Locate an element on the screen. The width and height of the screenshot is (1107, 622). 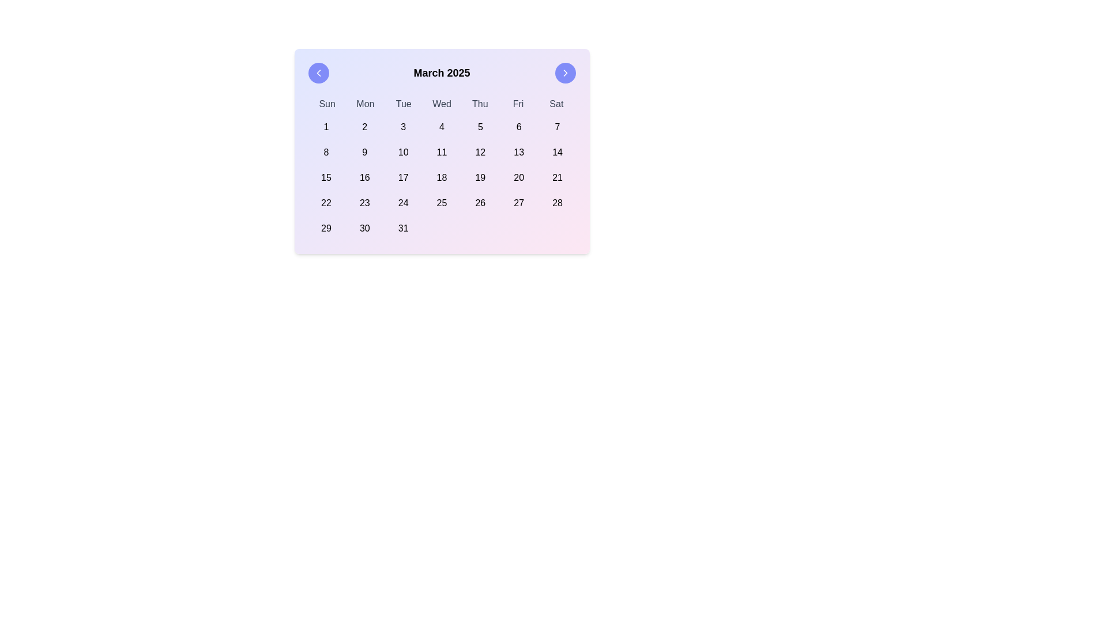
the label displaying the text 'Fri', which is the sixth weekday label in a grid layout under 'March 2025', positioned between 'Thu' and 'Sat' is located at coordinates (518, 104).